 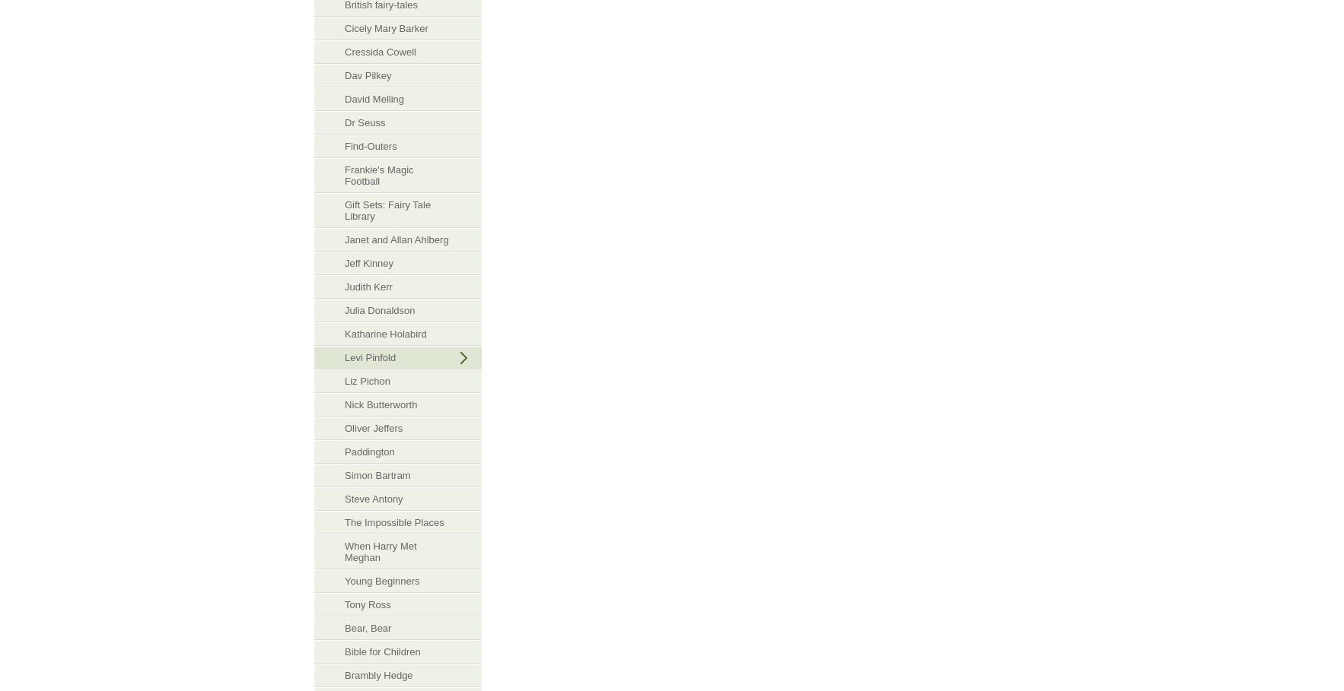 I want to click on 'Bible for Children', so click(x=344, y=651).